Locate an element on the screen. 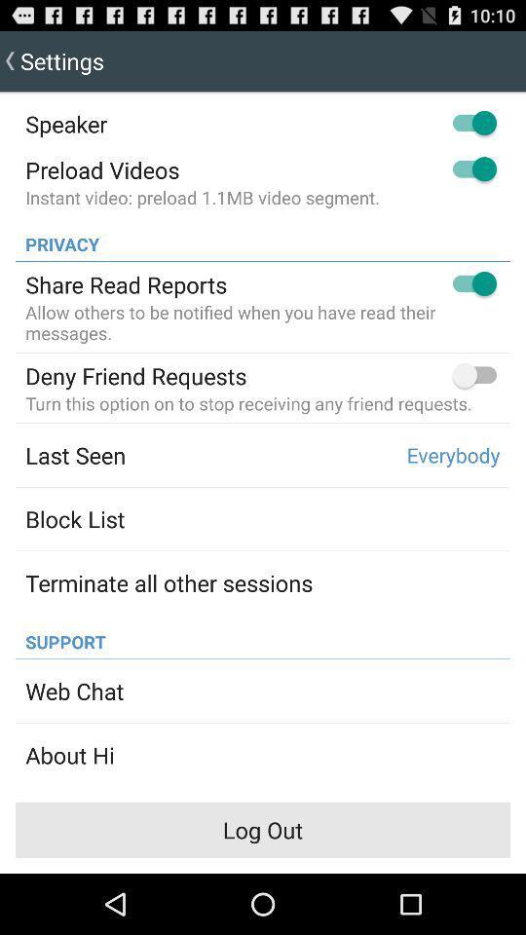  the icon below instant video preload is located at coordinates (56, 238).